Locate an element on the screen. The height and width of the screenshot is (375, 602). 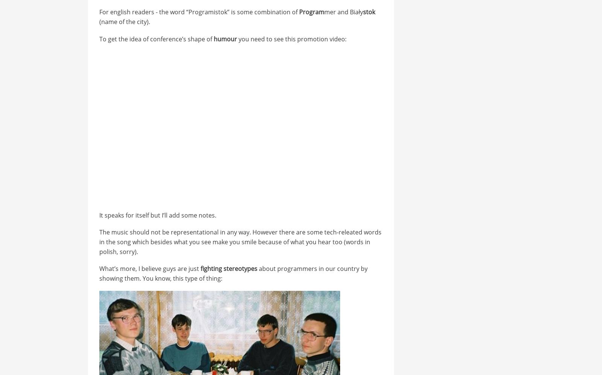
'(name of the city).' is located at coordinates (124, 21).